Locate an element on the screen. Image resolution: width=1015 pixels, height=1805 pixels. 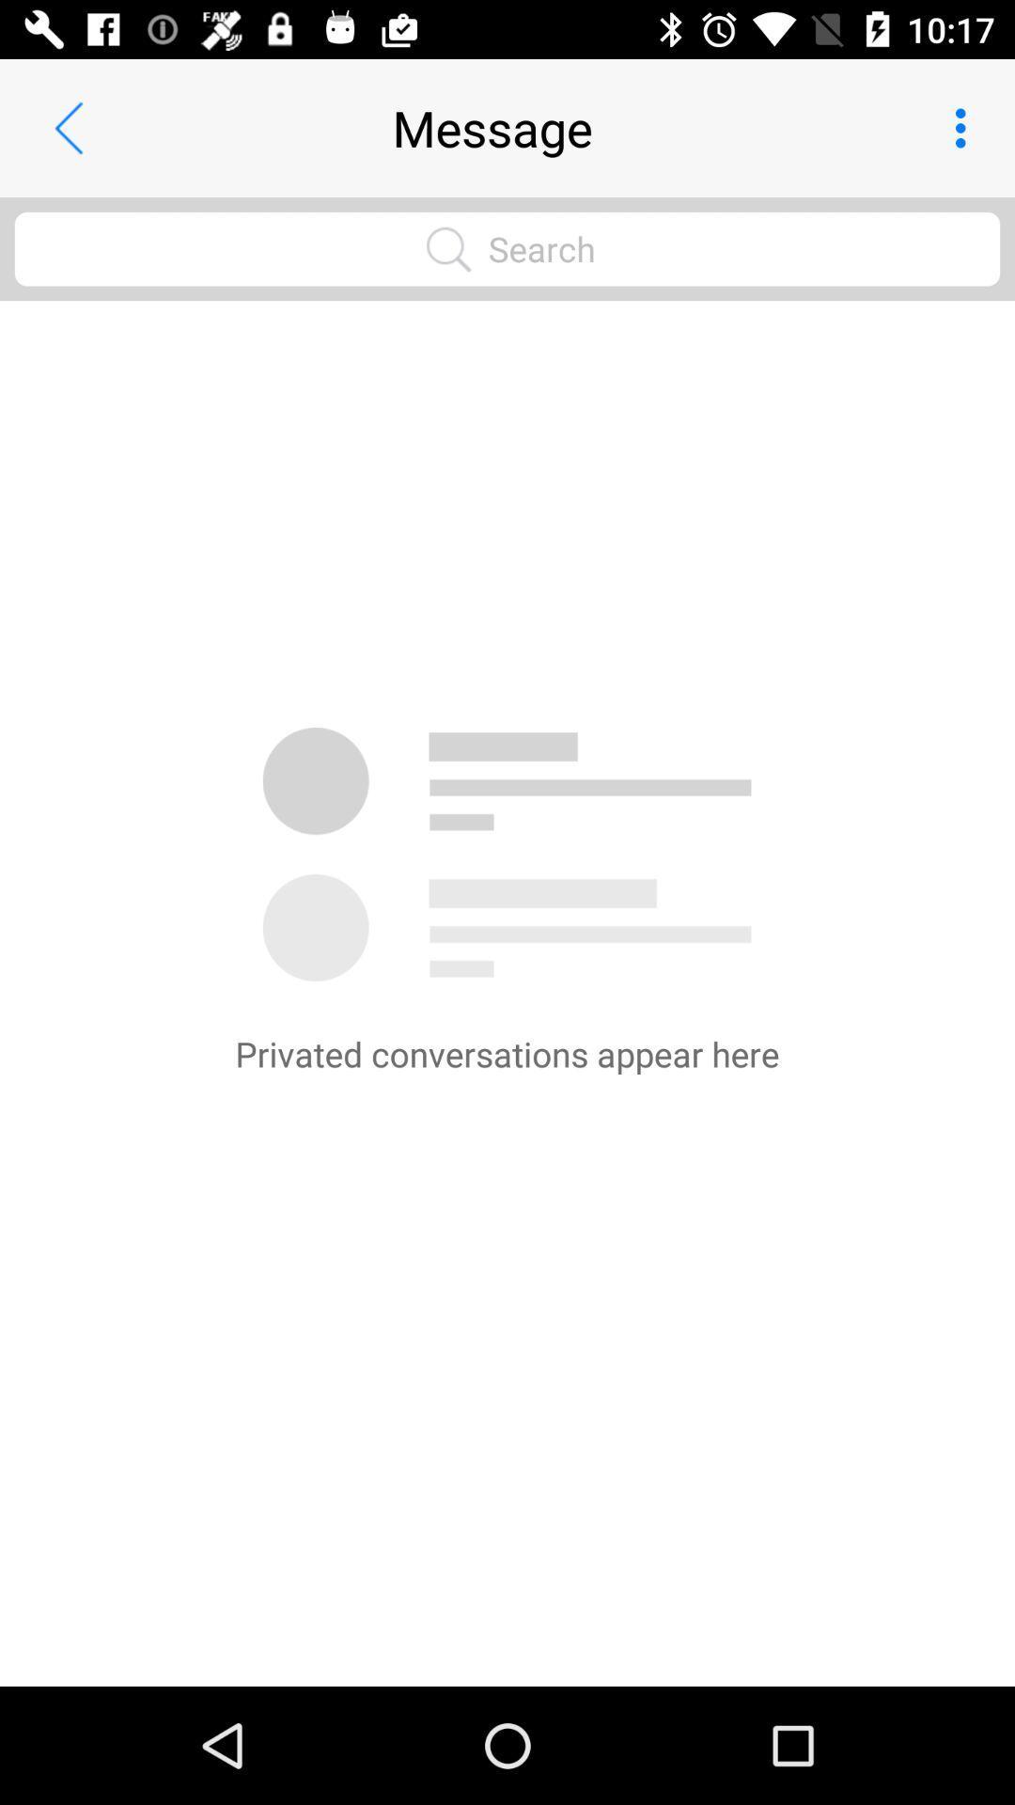
the item next to message app is located at coordinates (68, 127).